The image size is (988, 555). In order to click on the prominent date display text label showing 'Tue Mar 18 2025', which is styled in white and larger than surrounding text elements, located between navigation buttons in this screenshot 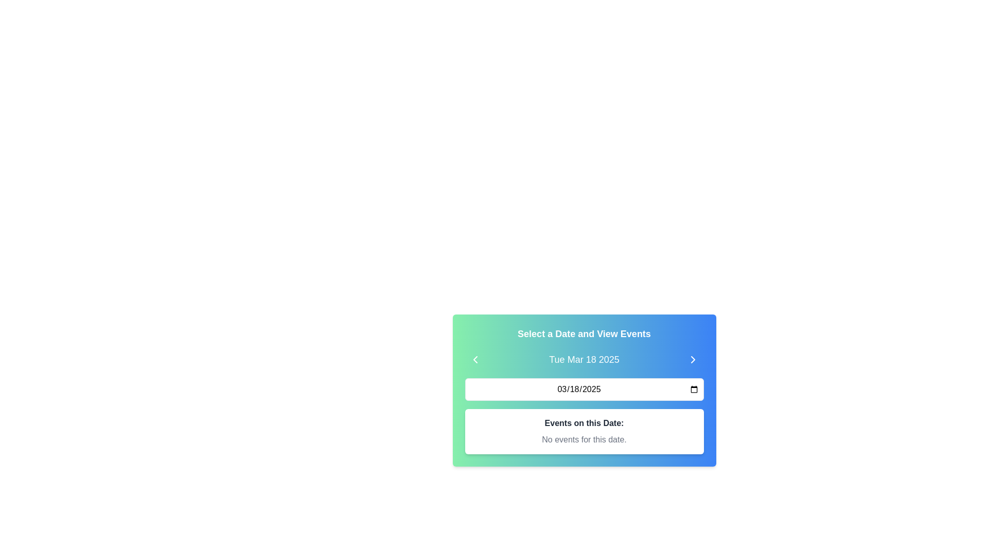, I will do `click(584, 359)`.